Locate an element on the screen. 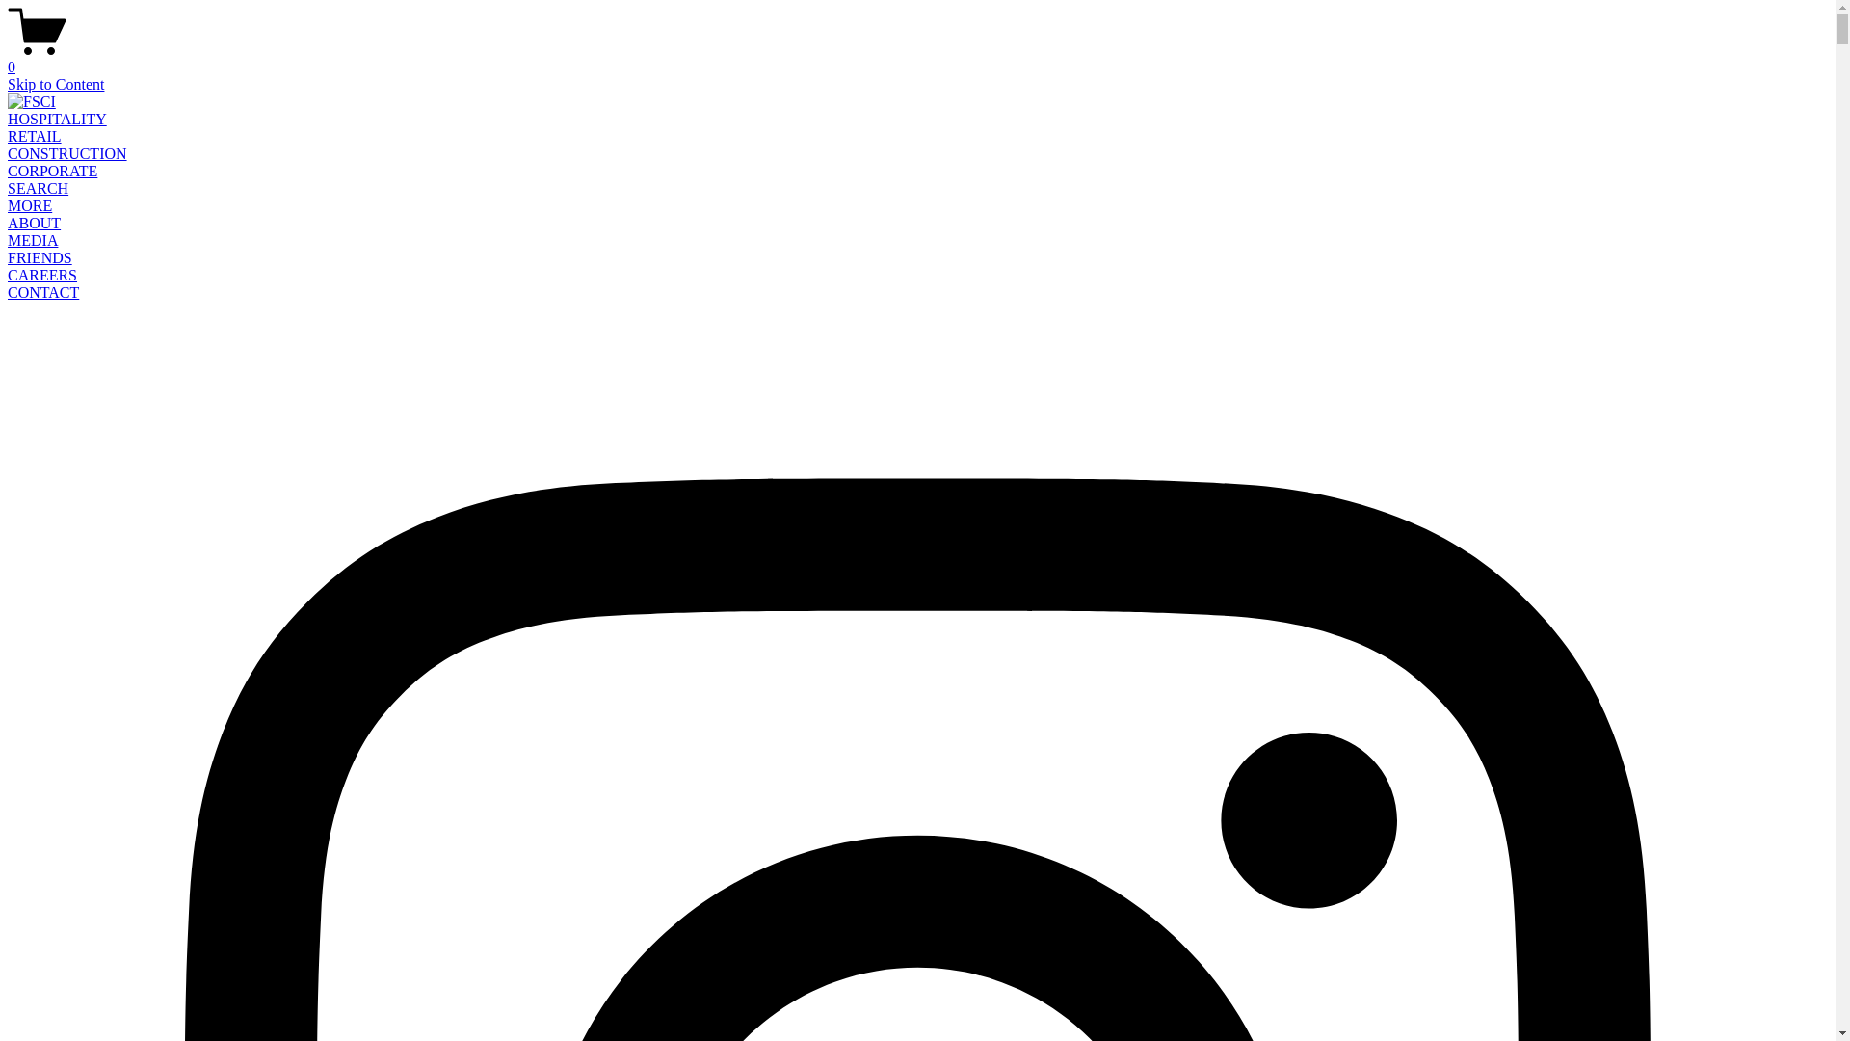 The height and width of the screenshot is (1041, 1850). 'ABOUT' is located at coordinates (8, 222).